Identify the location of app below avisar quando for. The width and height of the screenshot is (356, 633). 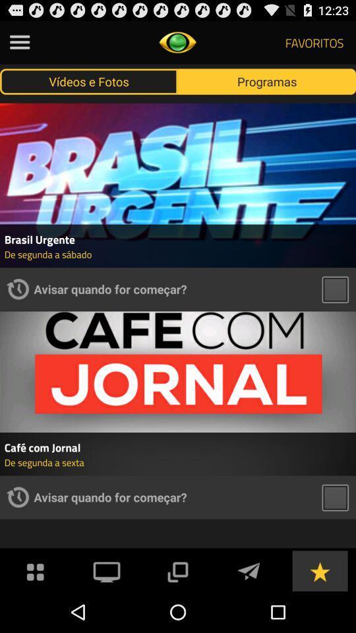
(106, 570).